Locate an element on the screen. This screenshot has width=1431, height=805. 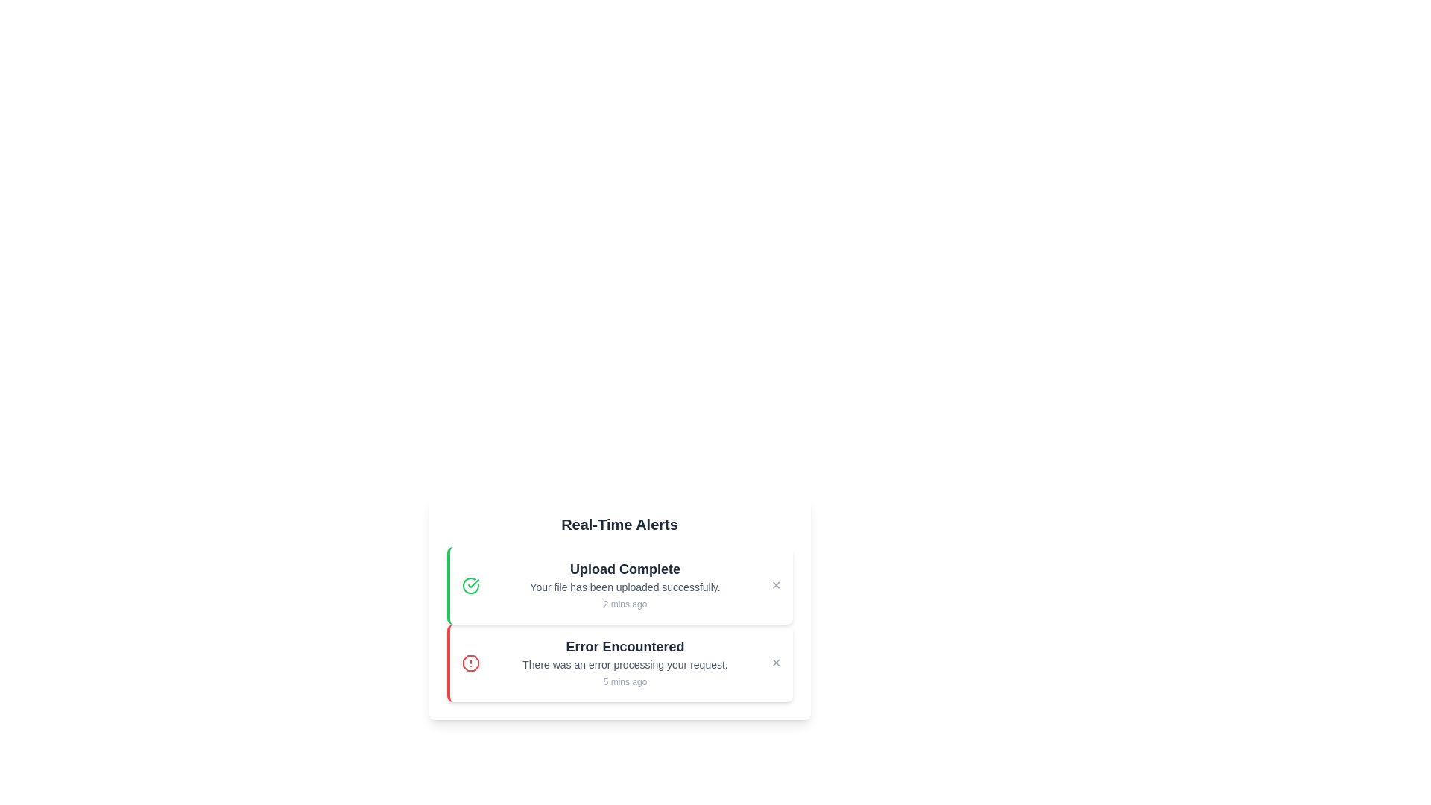
the green outlined circular icon with a checkmark that indicates completion or success, located in the top-left corner of the 'Upload Complete' notification card is located at coordinates (470, 585).